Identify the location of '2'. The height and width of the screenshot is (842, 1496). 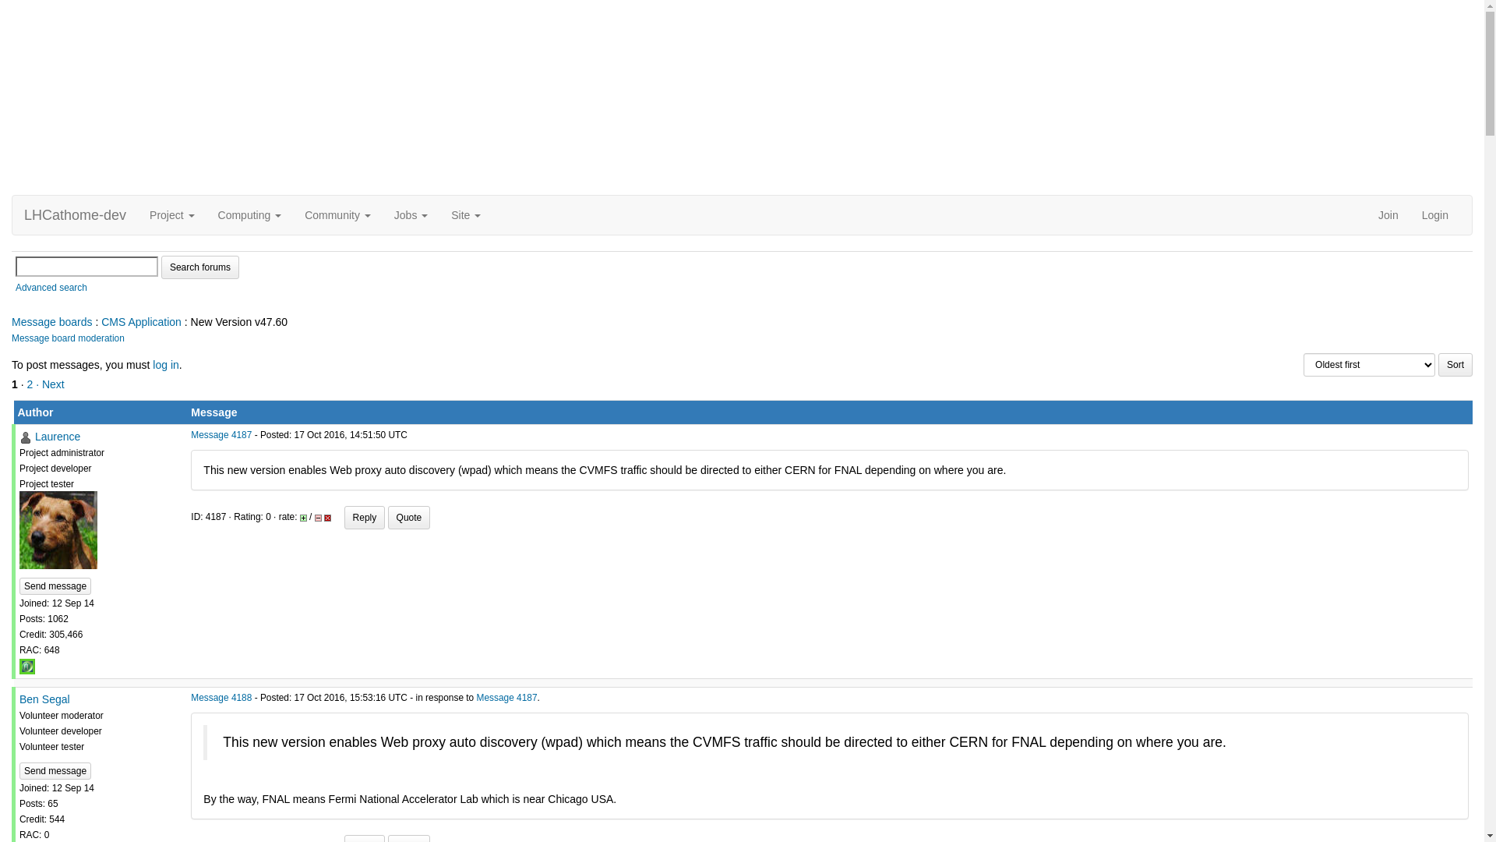
(30, 384).